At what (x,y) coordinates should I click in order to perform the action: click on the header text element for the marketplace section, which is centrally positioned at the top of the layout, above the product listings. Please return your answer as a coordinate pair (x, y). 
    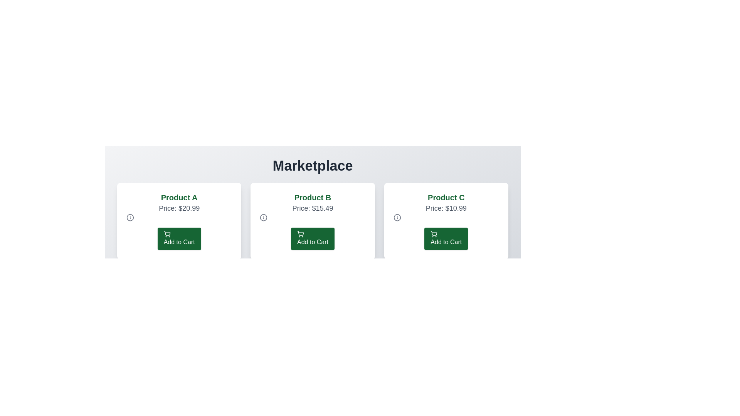
    Looking at the image, I should click on (313, 166).